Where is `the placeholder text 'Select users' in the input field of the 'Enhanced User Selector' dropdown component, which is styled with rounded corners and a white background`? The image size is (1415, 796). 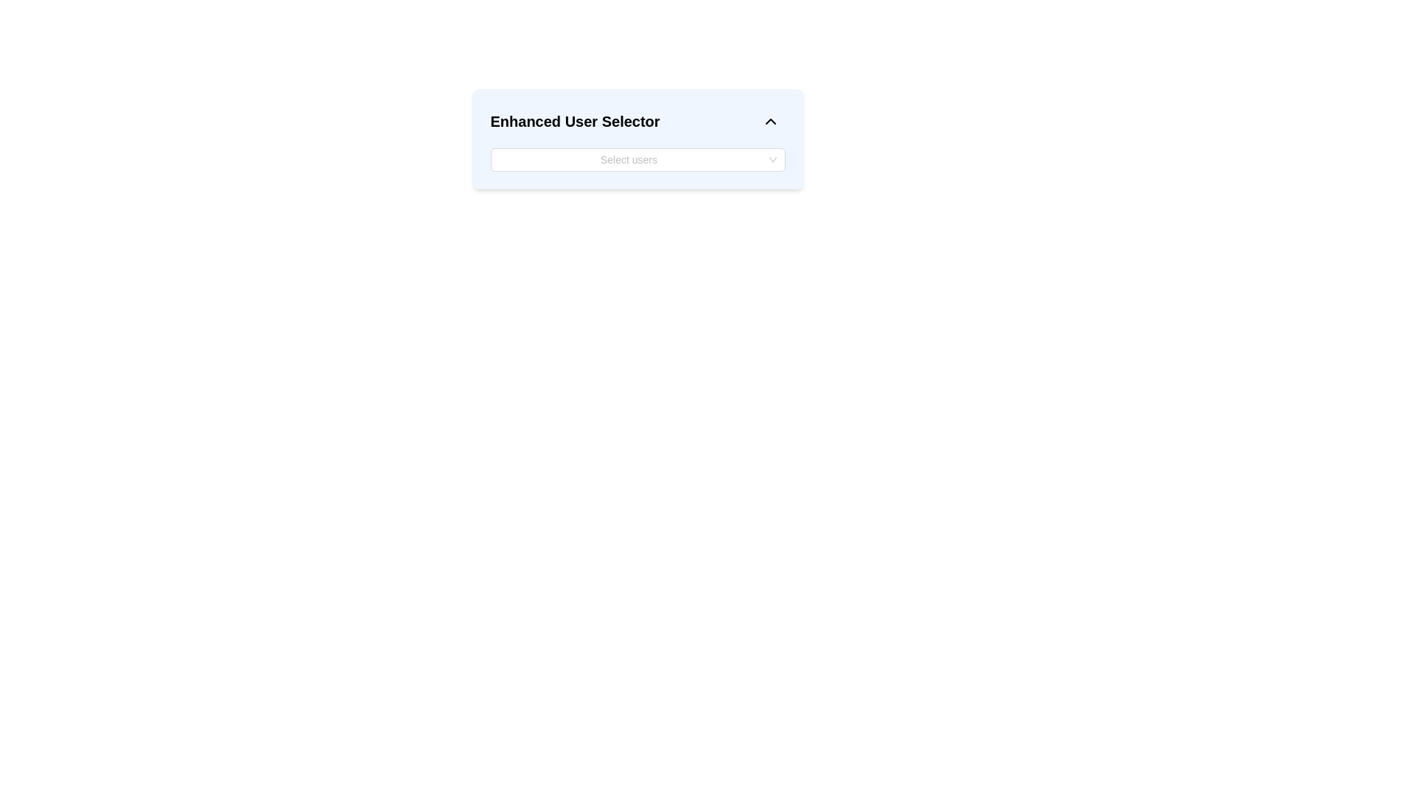 the placeholder text 'Select users' in the input field of the 'Enhanced User Selector' dropdown component, which is styled with rounded corners and a white background is located at coordinates (629, 159).